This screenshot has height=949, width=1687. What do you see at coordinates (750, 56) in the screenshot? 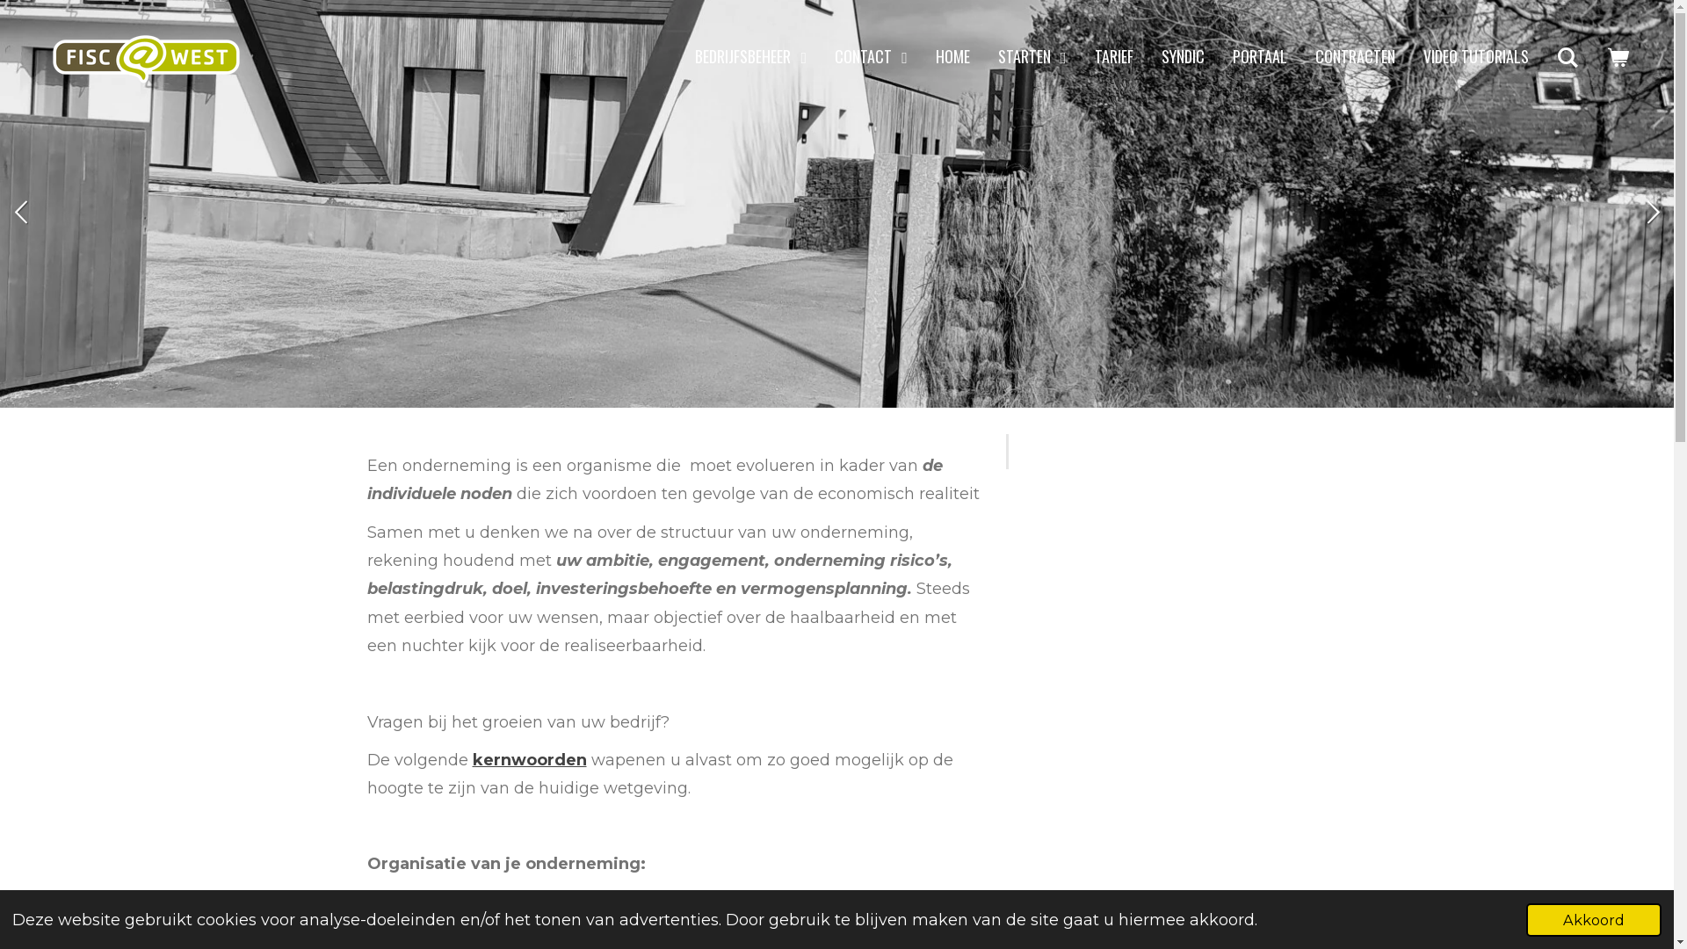
I see `'BEDRIJFSBEHEER'` at bounding box center [750, 56].